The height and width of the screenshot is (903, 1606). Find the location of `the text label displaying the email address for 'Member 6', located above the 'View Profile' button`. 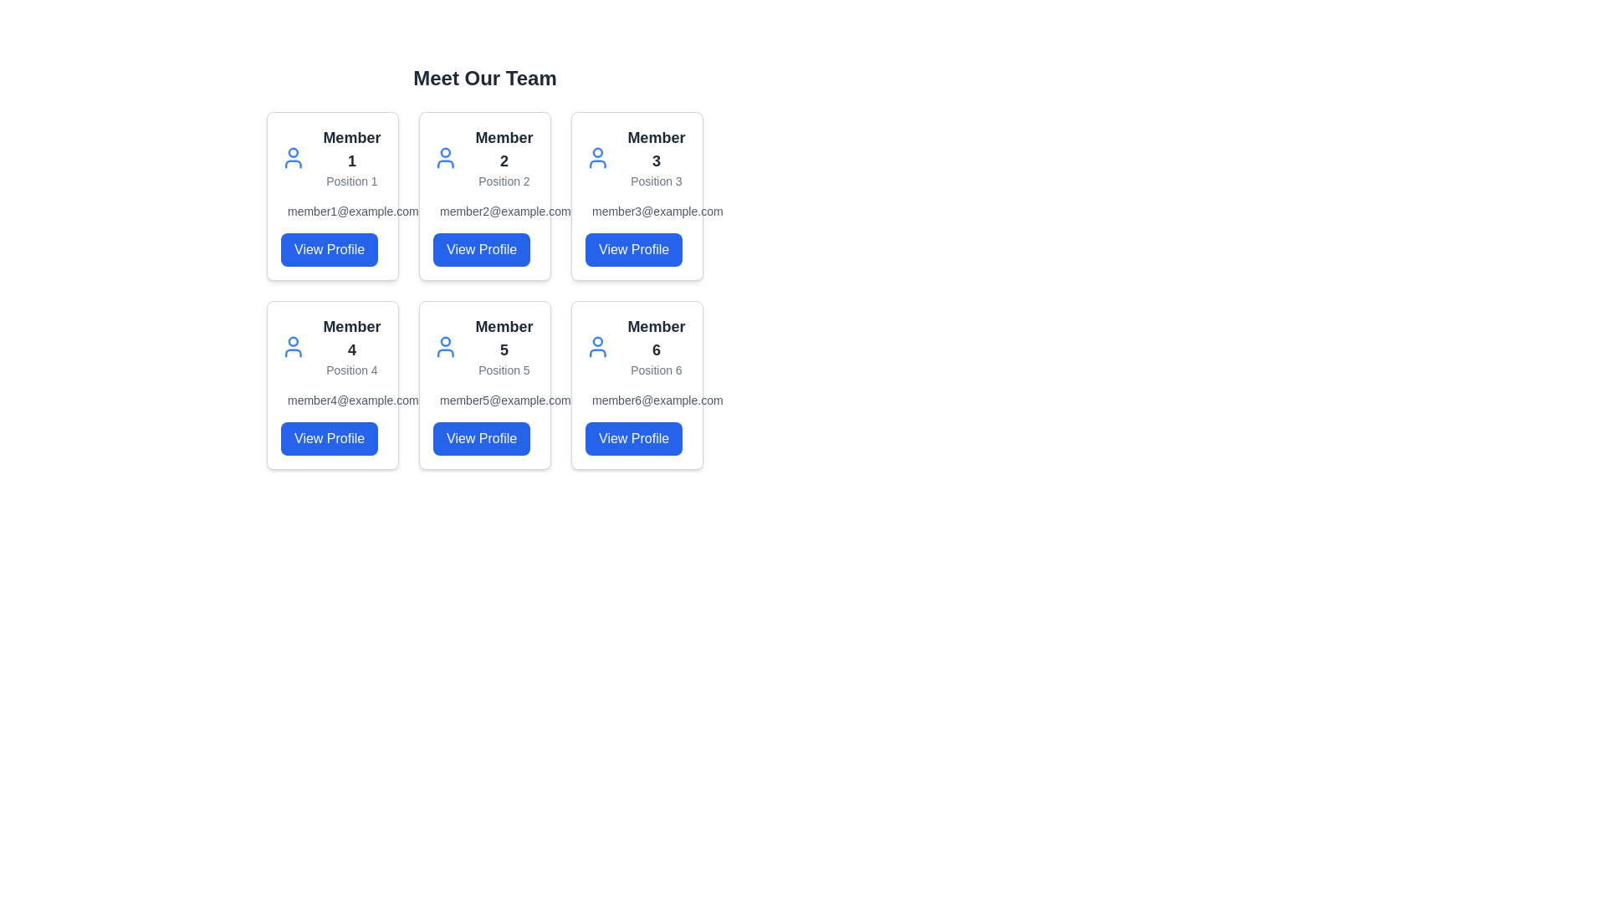

the text label displaying the email address for 'Member 6', located above the 'View Profile' button is located at coordinates (637, 400).